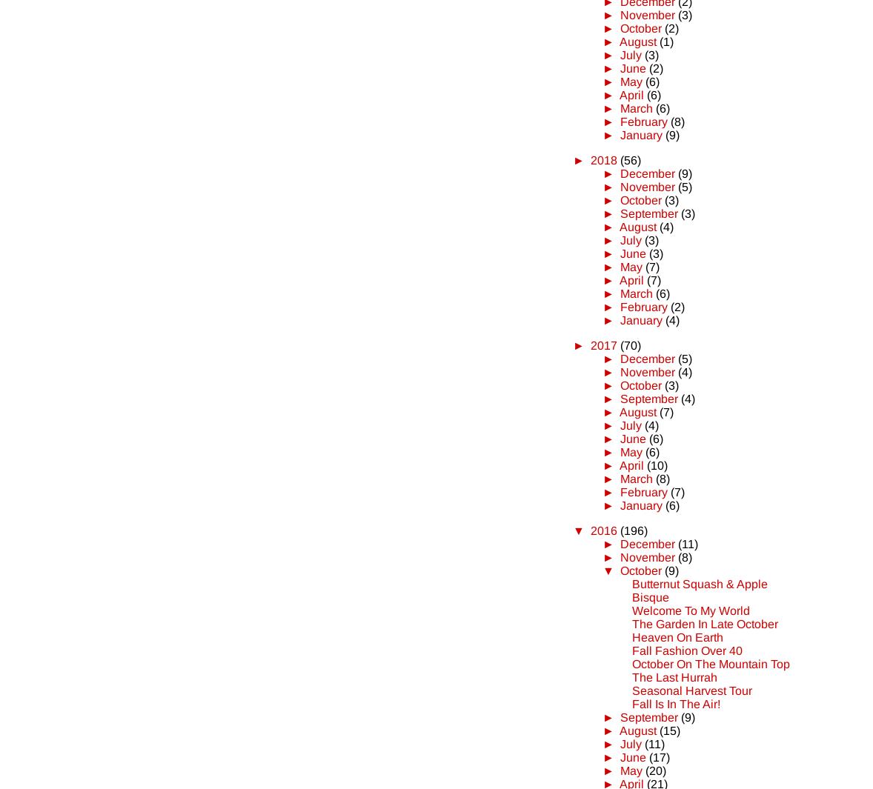 The height and width of the screenshot is (789, 873). I want to click on 'Fall Is In The Air!', so click(676, 703).